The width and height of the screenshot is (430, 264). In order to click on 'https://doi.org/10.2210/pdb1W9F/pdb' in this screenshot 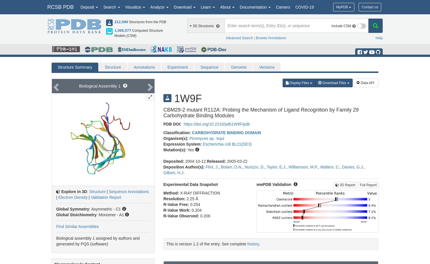, I will do `click(216, 124)`.